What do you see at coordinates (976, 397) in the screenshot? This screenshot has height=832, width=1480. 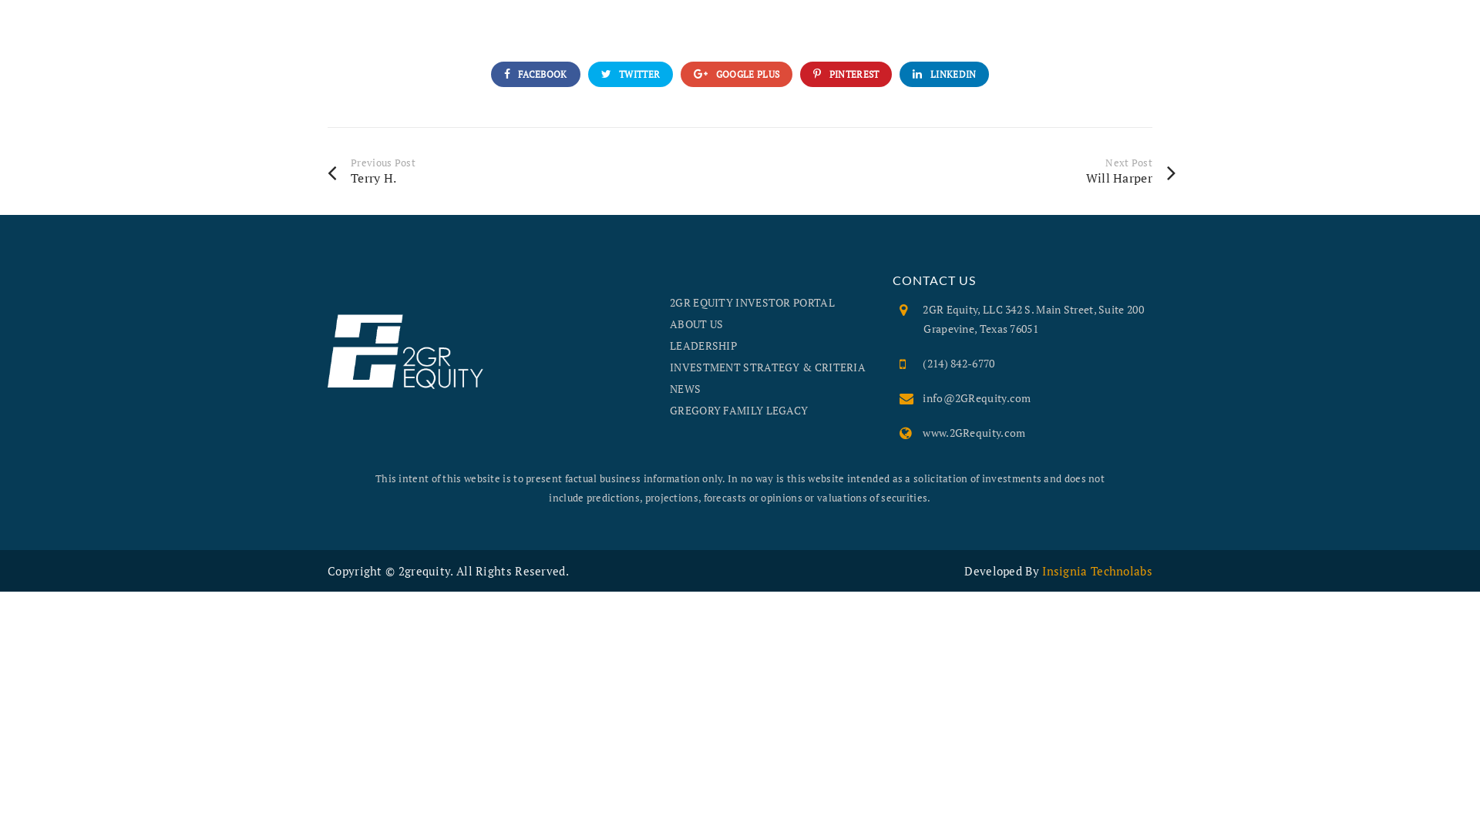 I see `'info@2GRequity.com'` at bounding box center [976, 397].